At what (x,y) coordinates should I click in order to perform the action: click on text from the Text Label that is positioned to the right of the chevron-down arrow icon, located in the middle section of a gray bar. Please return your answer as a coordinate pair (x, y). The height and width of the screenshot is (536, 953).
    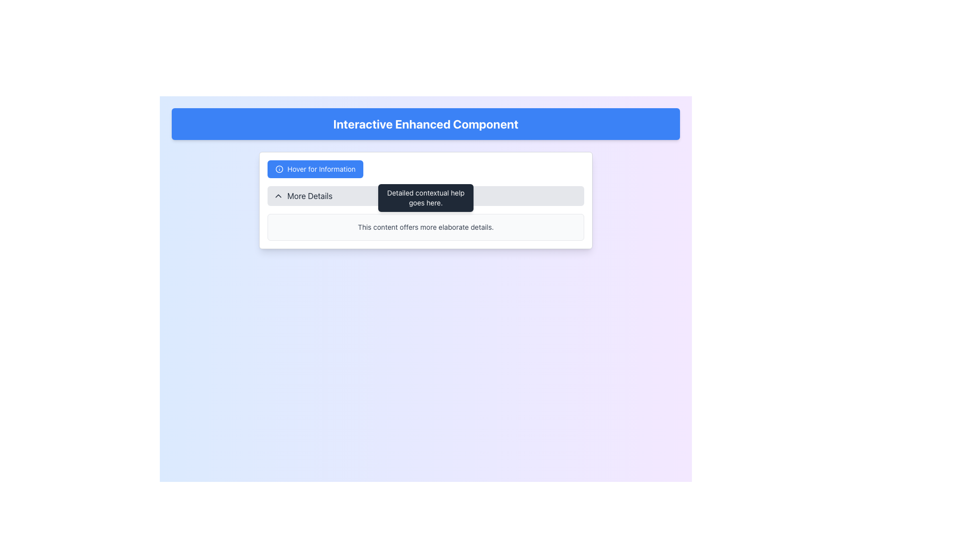
    Looking at the image, I should click on (309, 196).